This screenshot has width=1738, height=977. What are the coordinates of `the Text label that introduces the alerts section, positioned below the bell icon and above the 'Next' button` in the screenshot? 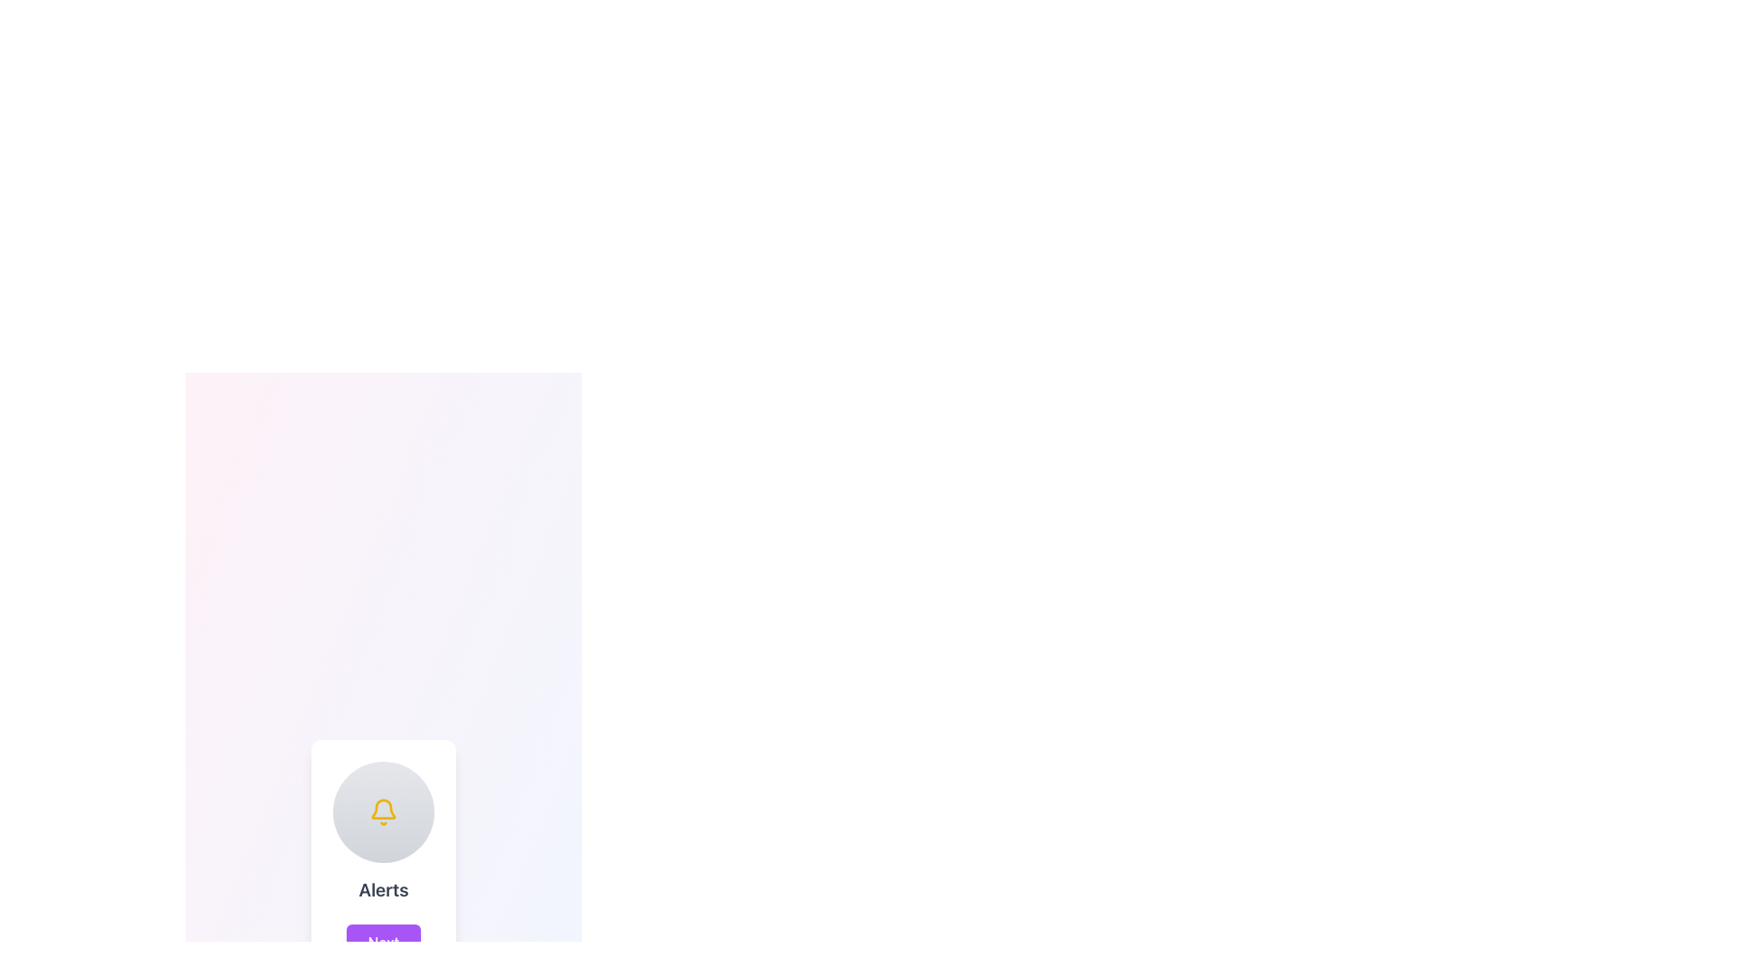 It's located at (382, 888).